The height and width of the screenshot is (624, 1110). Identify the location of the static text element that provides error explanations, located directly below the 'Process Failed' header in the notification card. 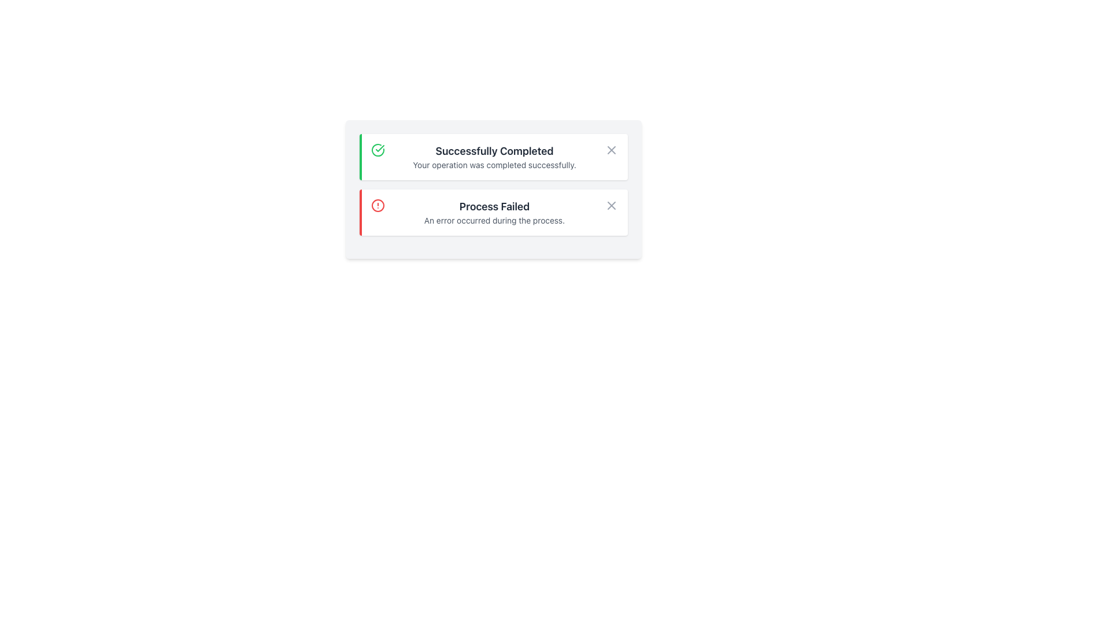
(494, 220).